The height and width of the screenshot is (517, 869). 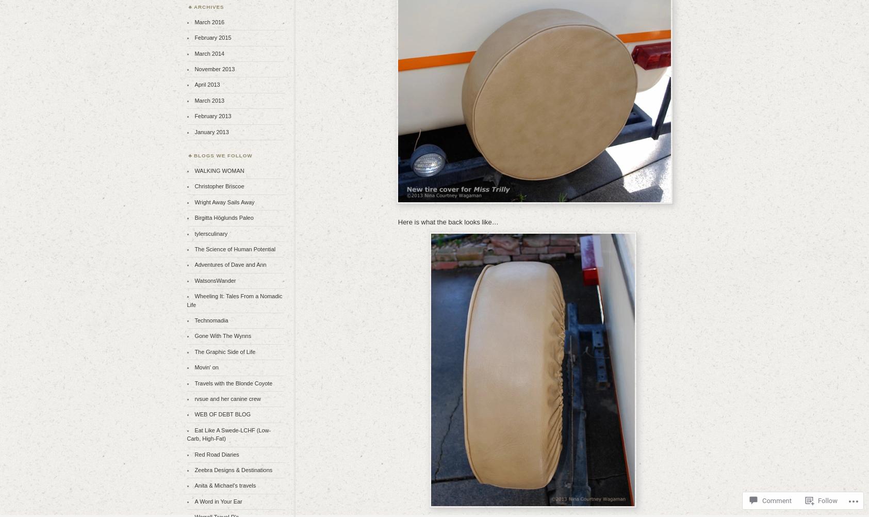 I want to click on 'The Science of Human Potential', so click(x=234, y=248).